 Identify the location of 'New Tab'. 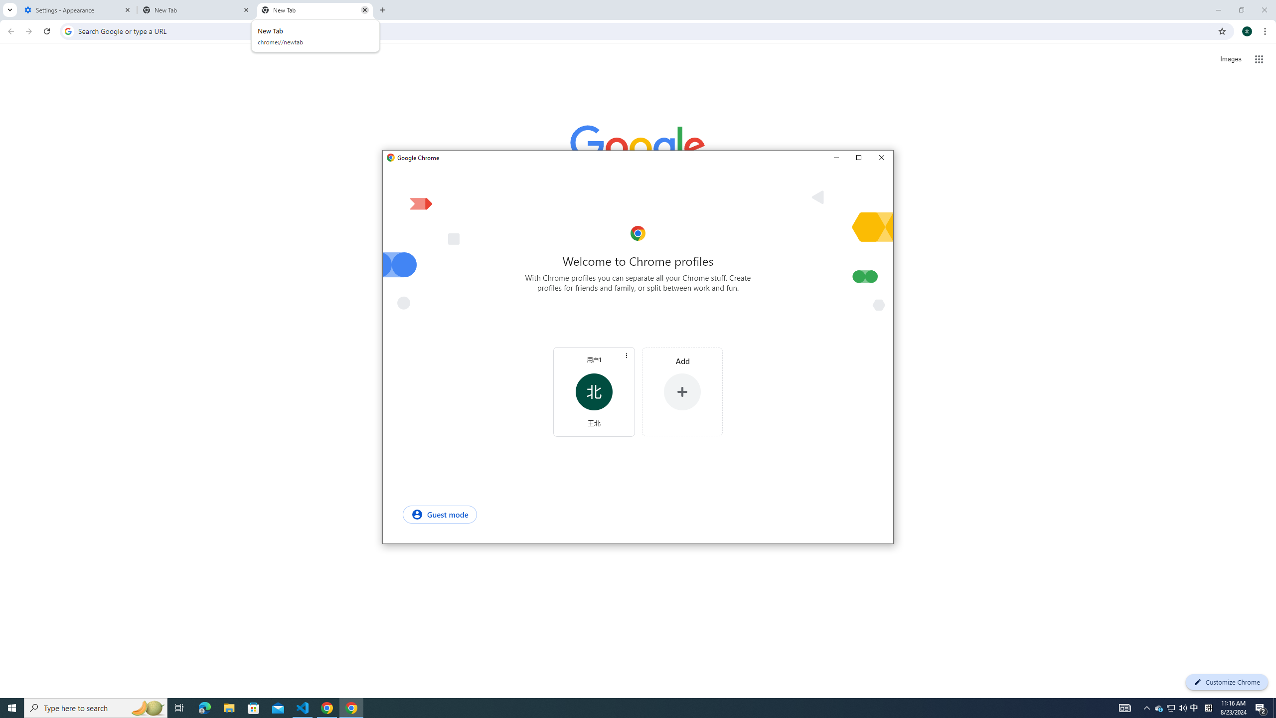
(315, 9).